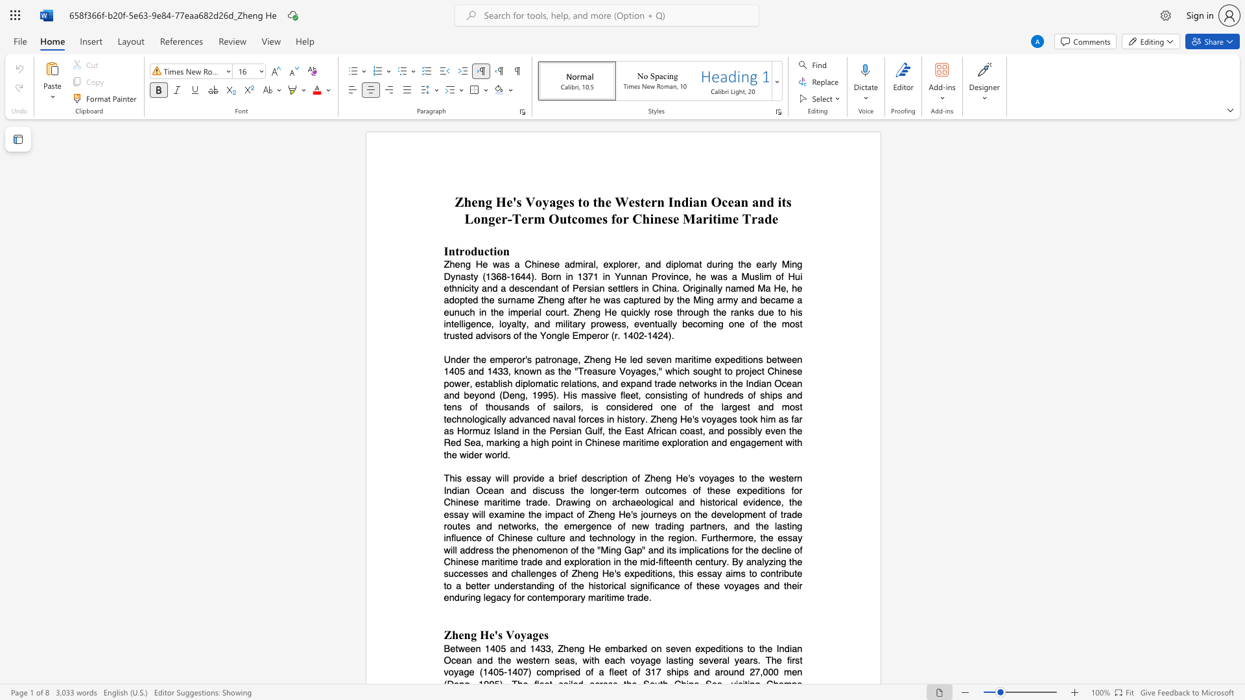 Image resolution: width=1245 pixels, height=700 pixels. I want to click on the subset text "s between 1405 and 1433, known as the" within the text "Under the emperor", so click(758, 360).